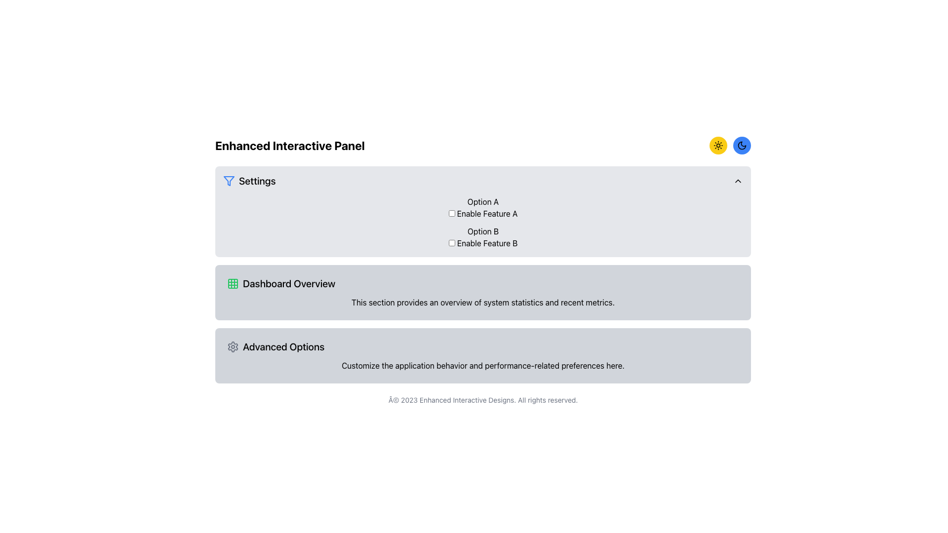 This screenshot has height=533, width=948. Describe the element at coordinates (483, 302) in the screenshot. I see `the Text Label that provides an informative description about the 'Dashboard Overview' section, located beneath the title text in the lower half of the section` at that location.